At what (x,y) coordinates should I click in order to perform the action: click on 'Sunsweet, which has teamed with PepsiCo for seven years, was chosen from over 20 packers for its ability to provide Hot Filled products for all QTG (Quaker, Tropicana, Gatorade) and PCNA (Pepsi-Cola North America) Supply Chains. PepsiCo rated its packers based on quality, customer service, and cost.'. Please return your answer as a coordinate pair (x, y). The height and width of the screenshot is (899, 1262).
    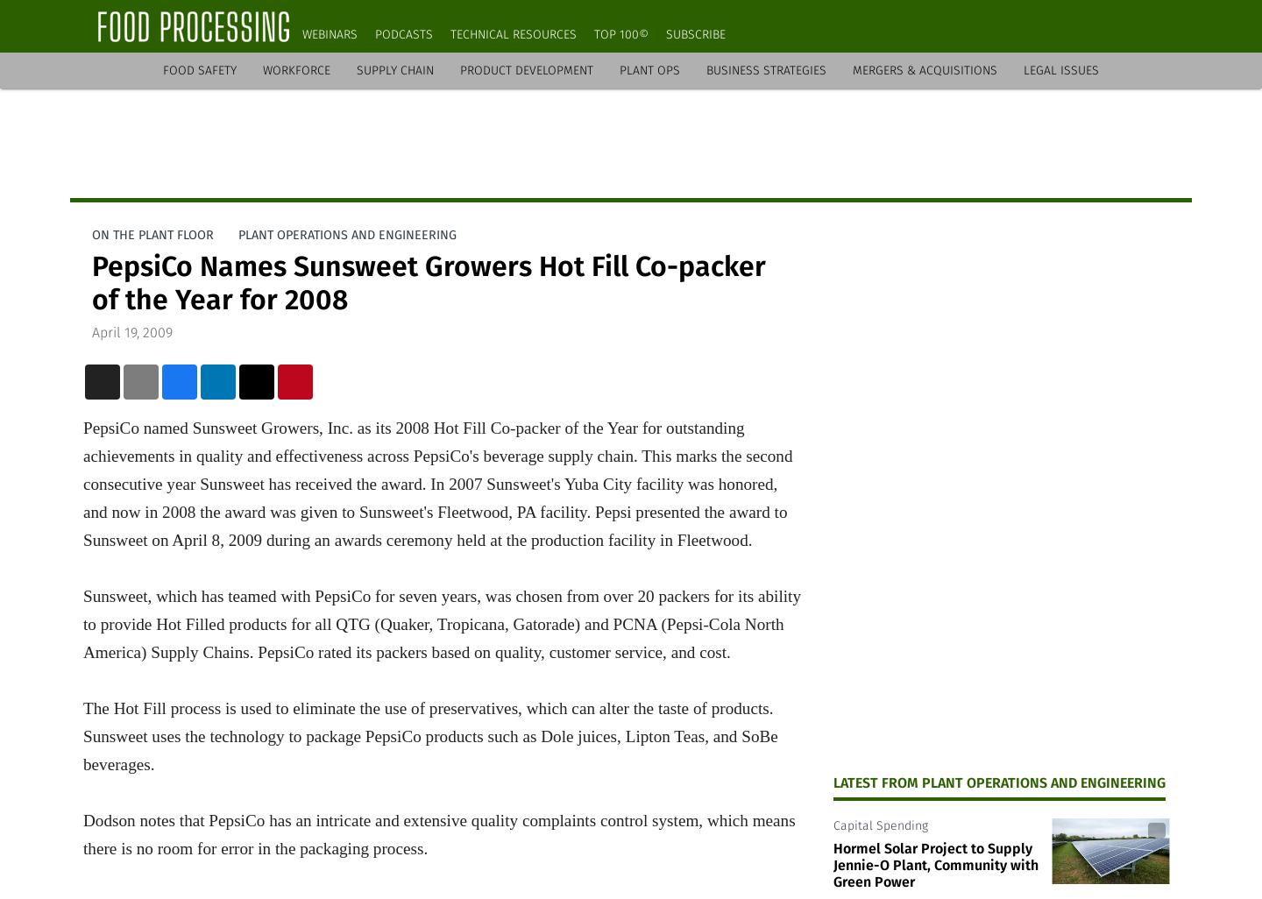
    Looking at the image, I should click on (441, 622).